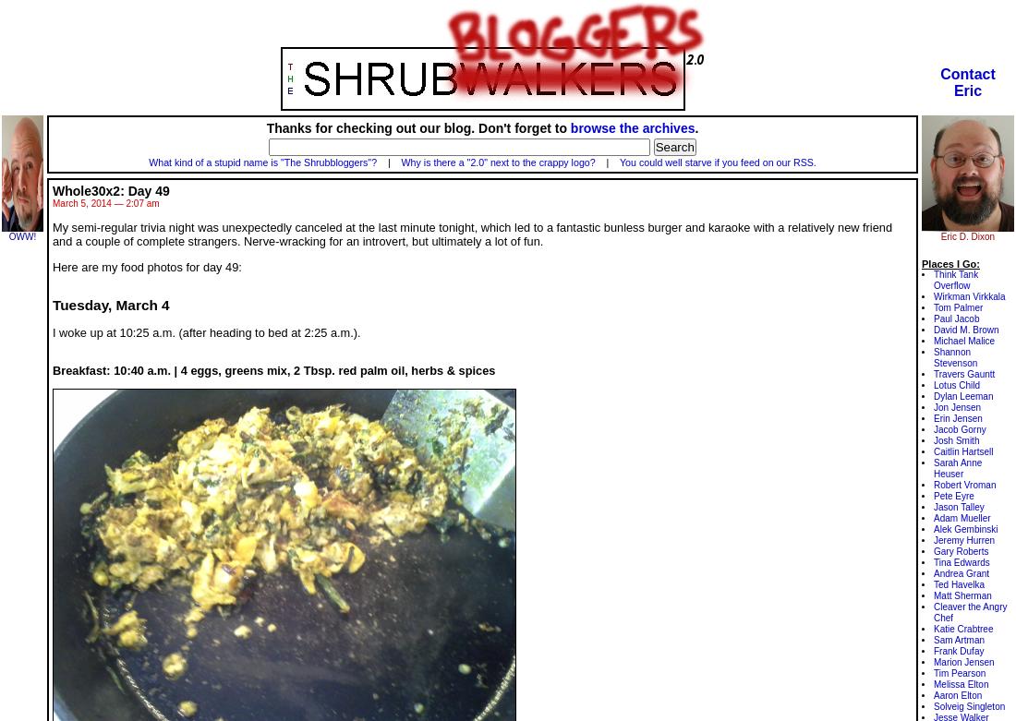 The height and width of the screenshot is (721, 1016). I want to click on 'Alek Gembinski', so click(965, 529).